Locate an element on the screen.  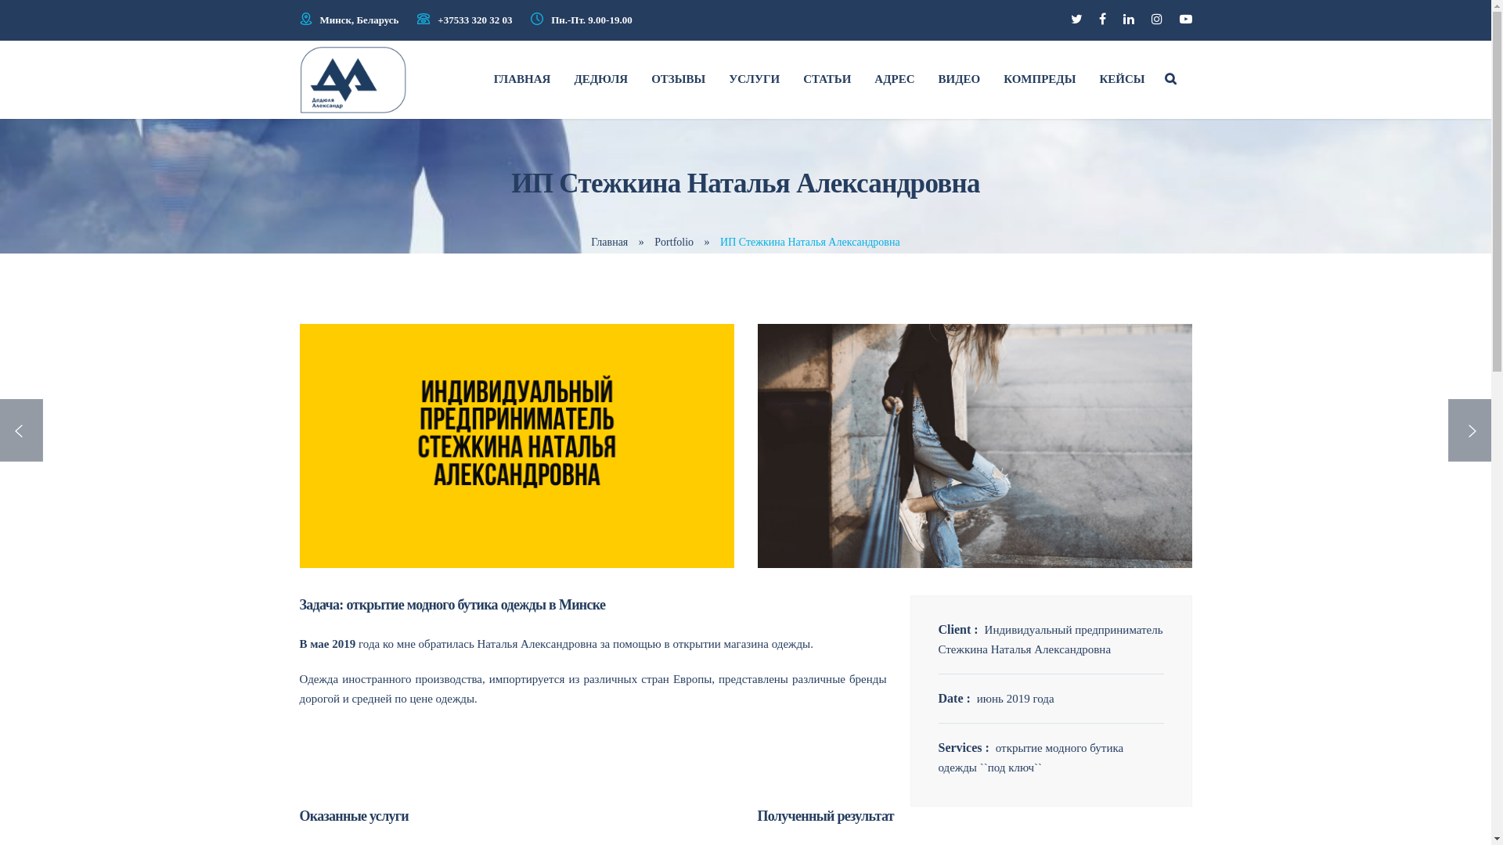
'Twitter' is located at coordinates (1076, 19).